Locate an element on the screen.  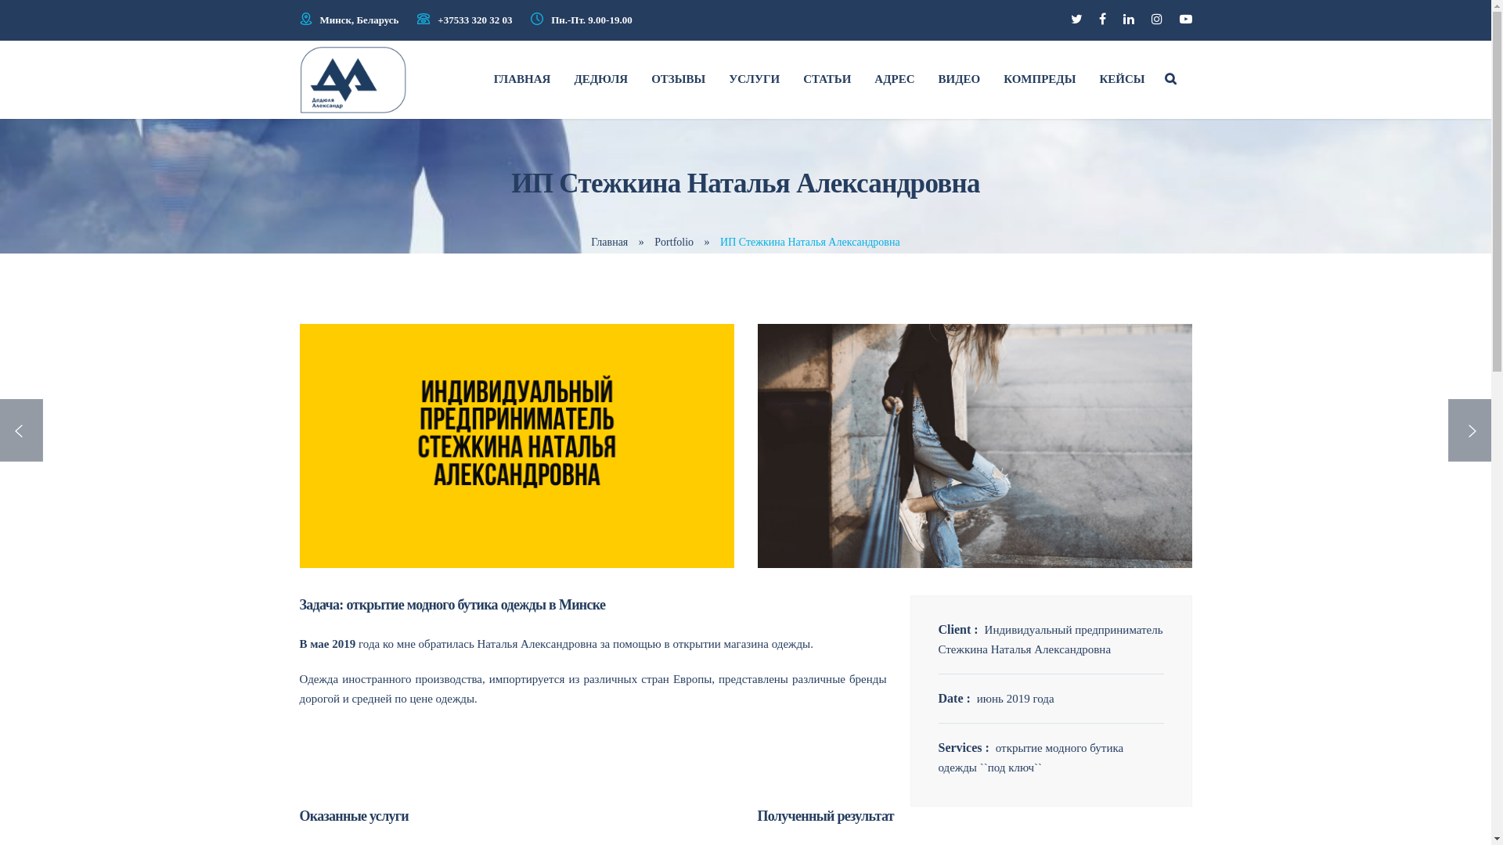
'Twitter' is located at coordinates (1076, 19).